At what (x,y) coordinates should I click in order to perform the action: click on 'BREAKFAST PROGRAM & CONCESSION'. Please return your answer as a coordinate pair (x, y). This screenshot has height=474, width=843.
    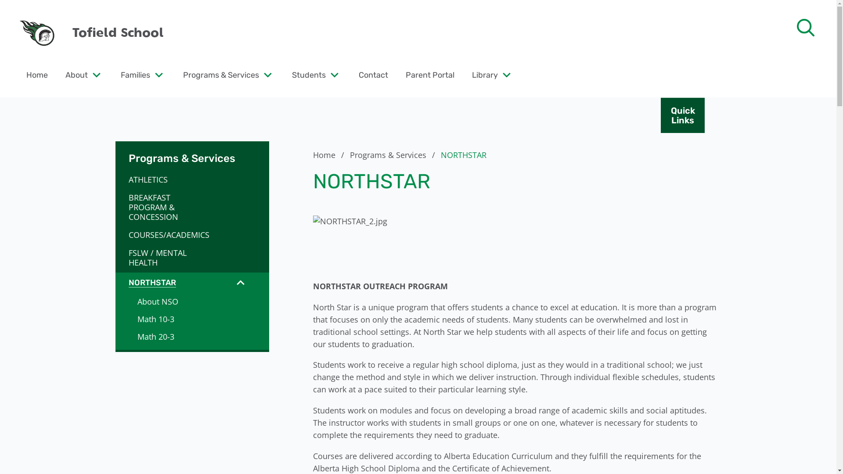
    Looking at the image, I should click on (166, 207).